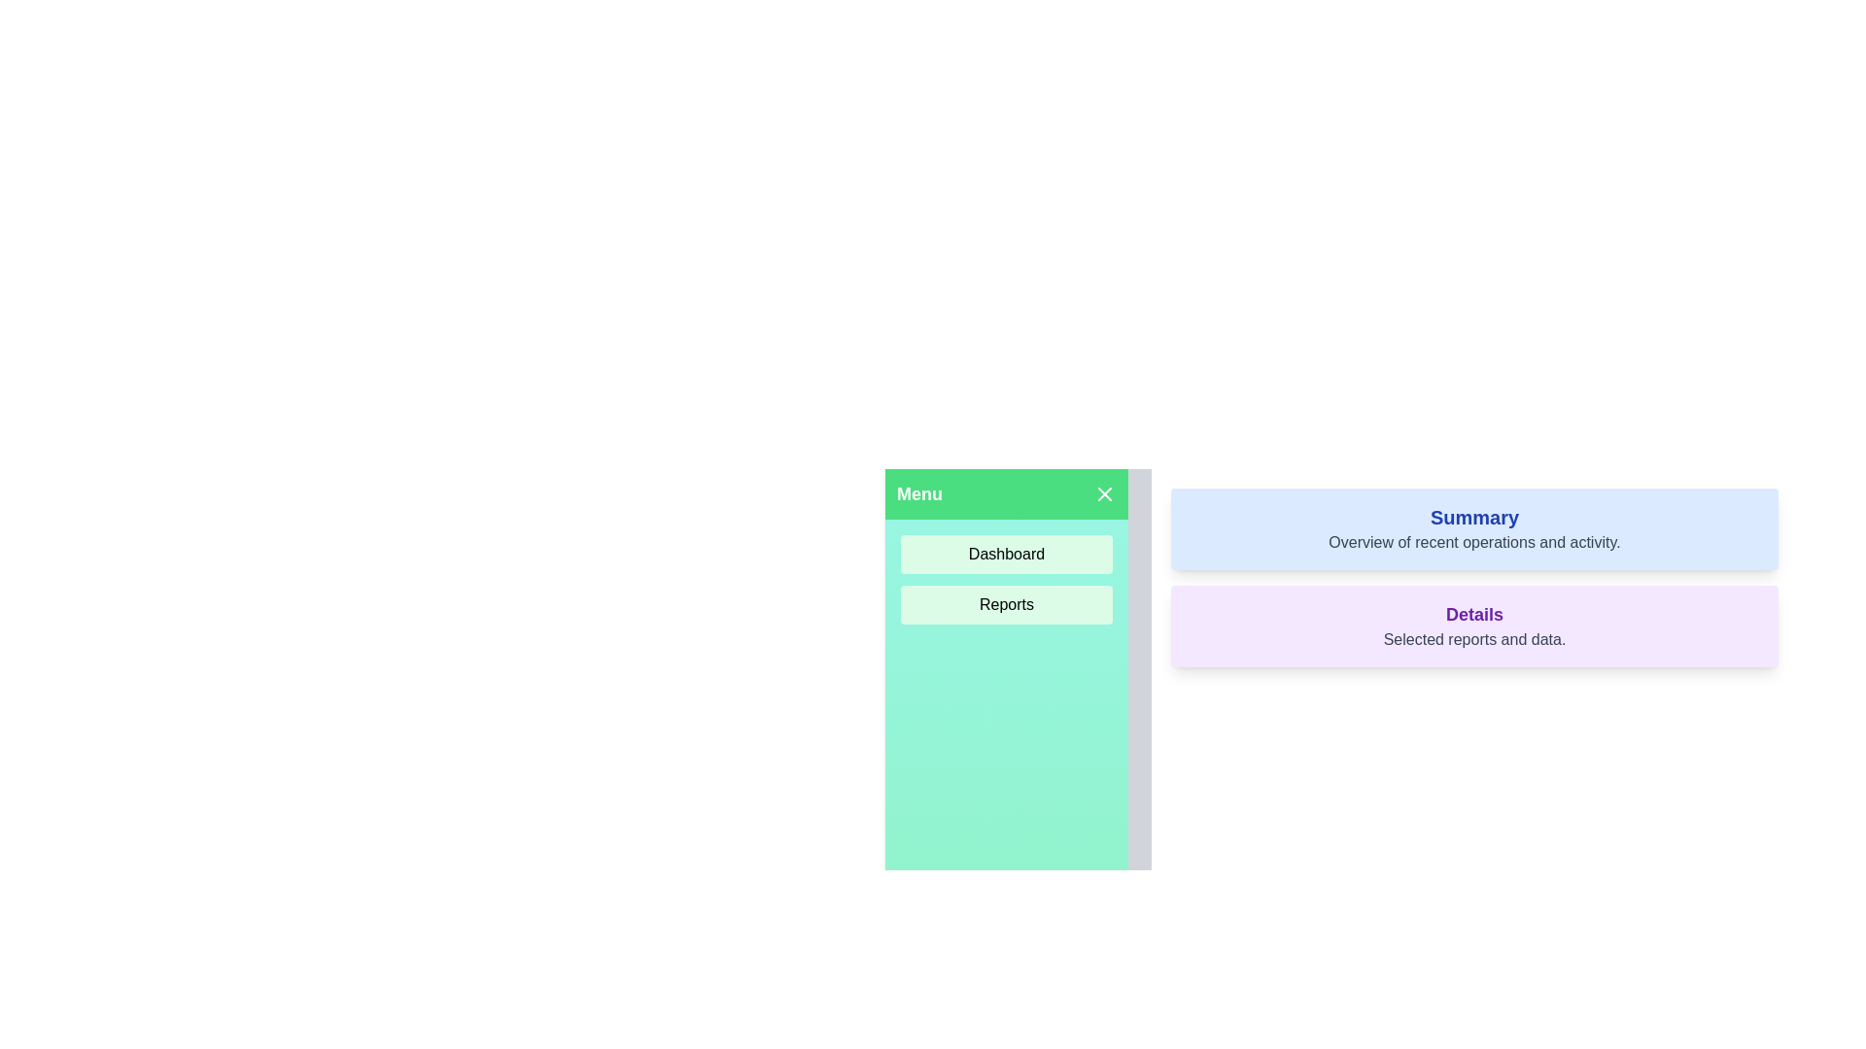 The height and width of the screenshot is (1049, 1866). I want to click on the static text label element that serves as a title for the panel, located in the top-left corner of a green rectangular header bar, positioned left of the 'close' icon (X), so click(918, 493).